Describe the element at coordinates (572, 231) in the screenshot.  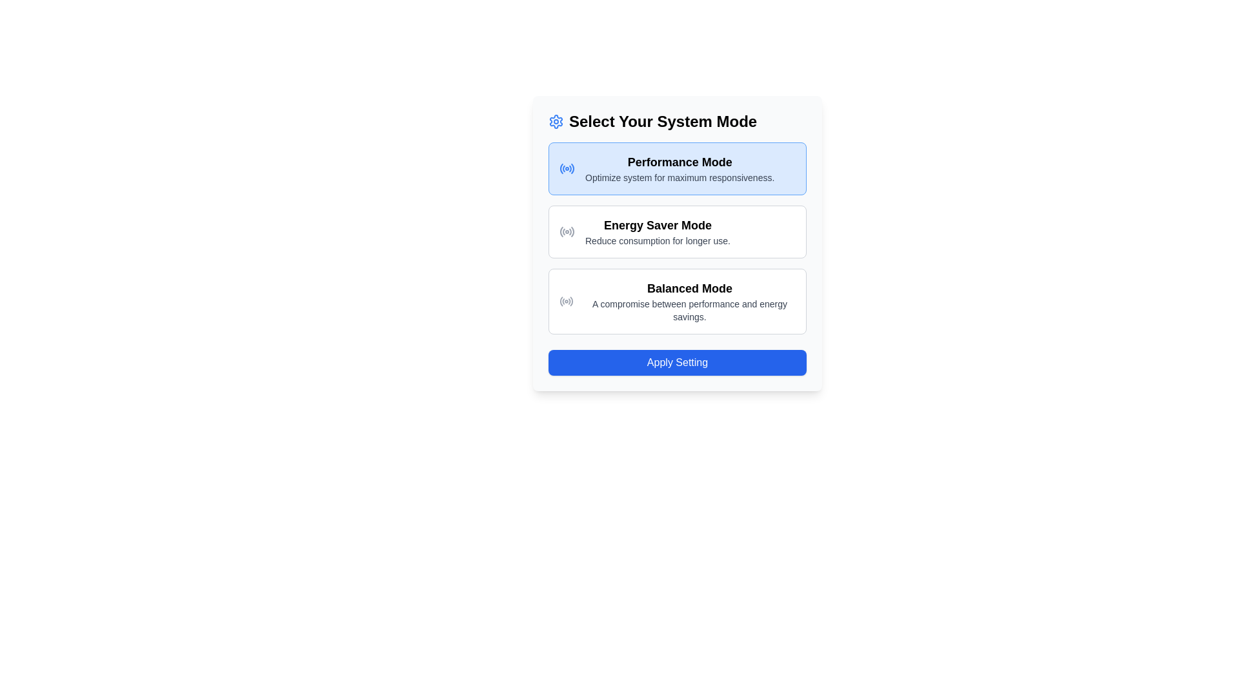
I see `the rightmost segment of the radio button icon representing 'Energy Saver Mode', which is part of an SVG illustration and contributes to the aesthetics of the option display` at that location.